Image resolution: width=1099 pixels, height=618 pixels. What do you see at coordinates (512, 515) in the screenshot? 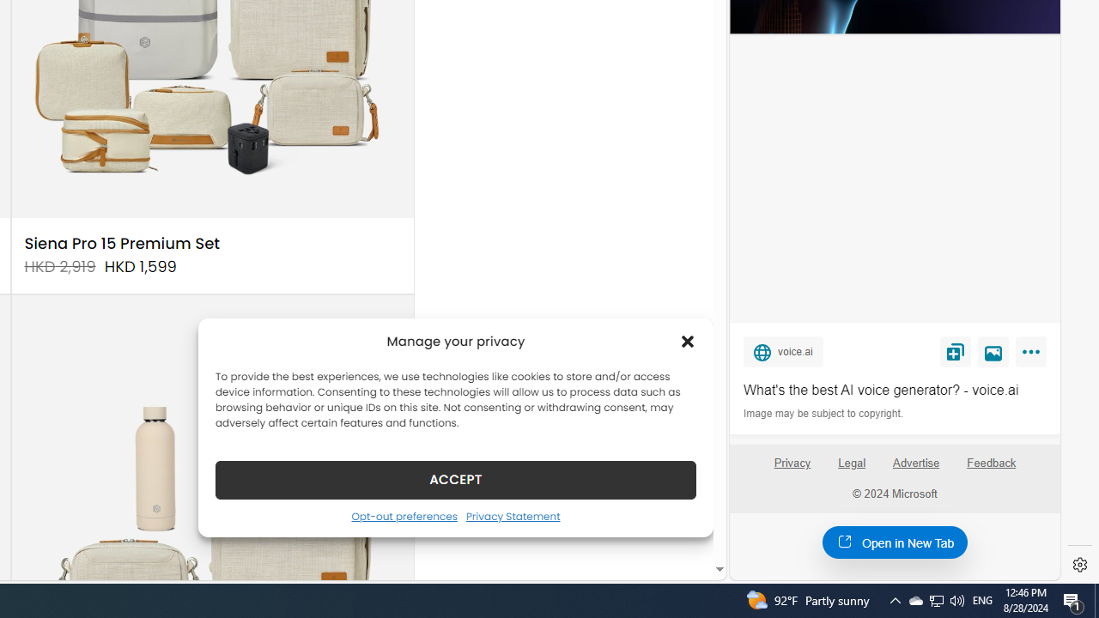
I see `'Privacy Statement'` at bounding box center [512, 515].